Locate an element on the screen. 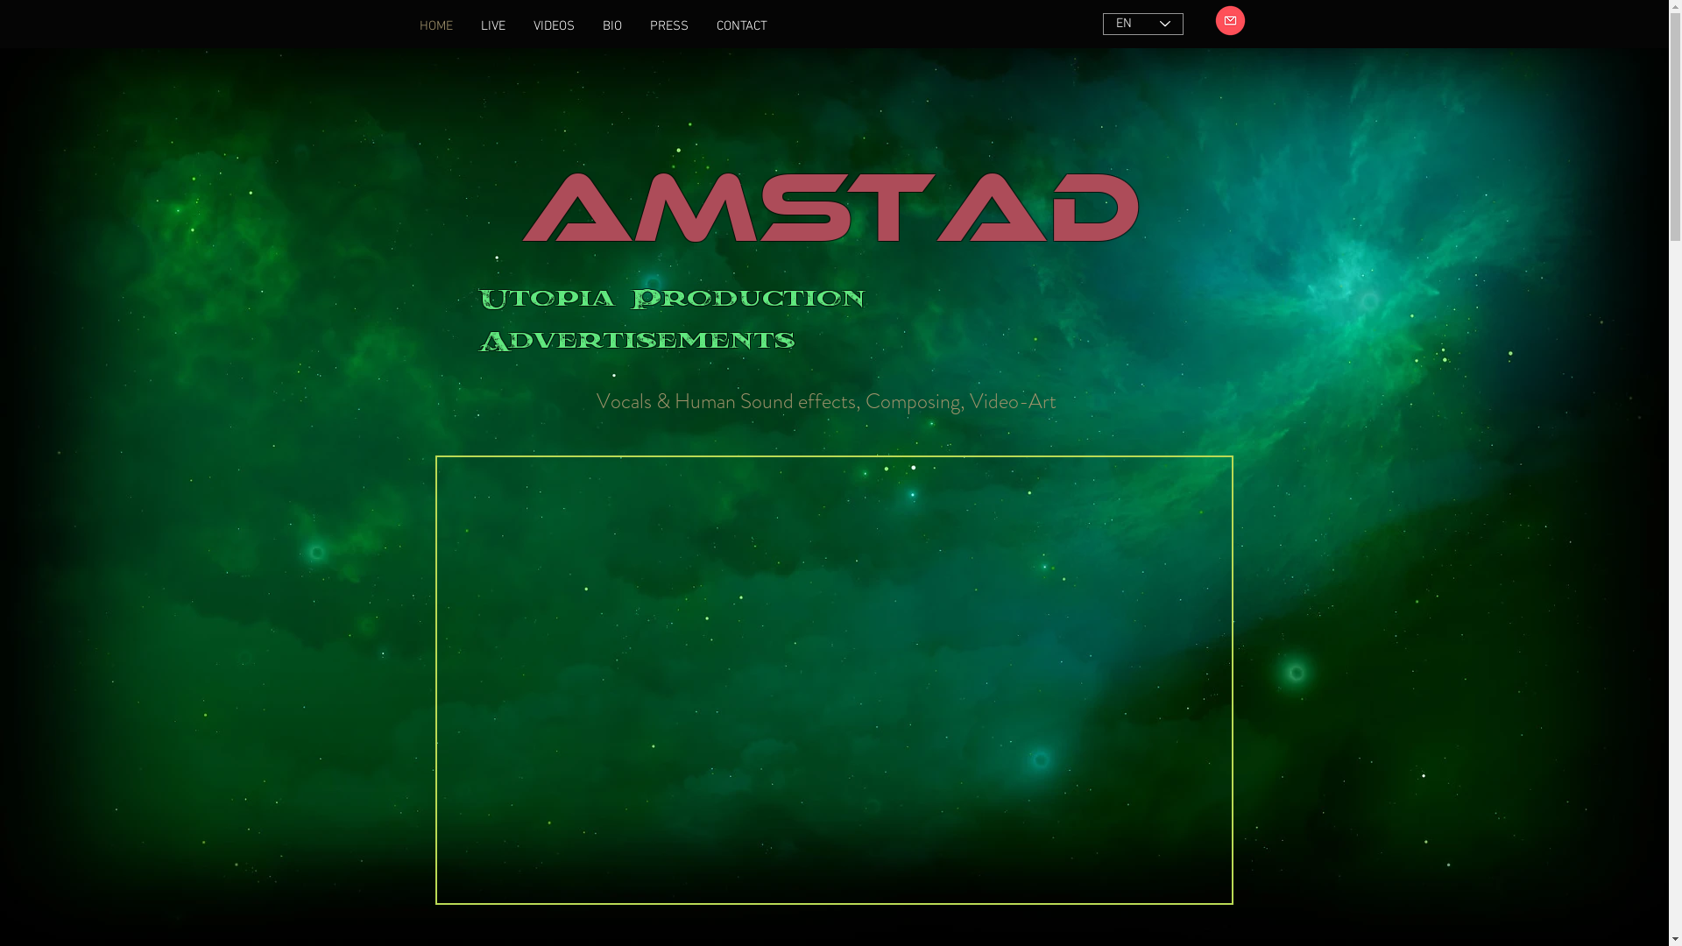  'HOME' is located at coordinates (435, 26).